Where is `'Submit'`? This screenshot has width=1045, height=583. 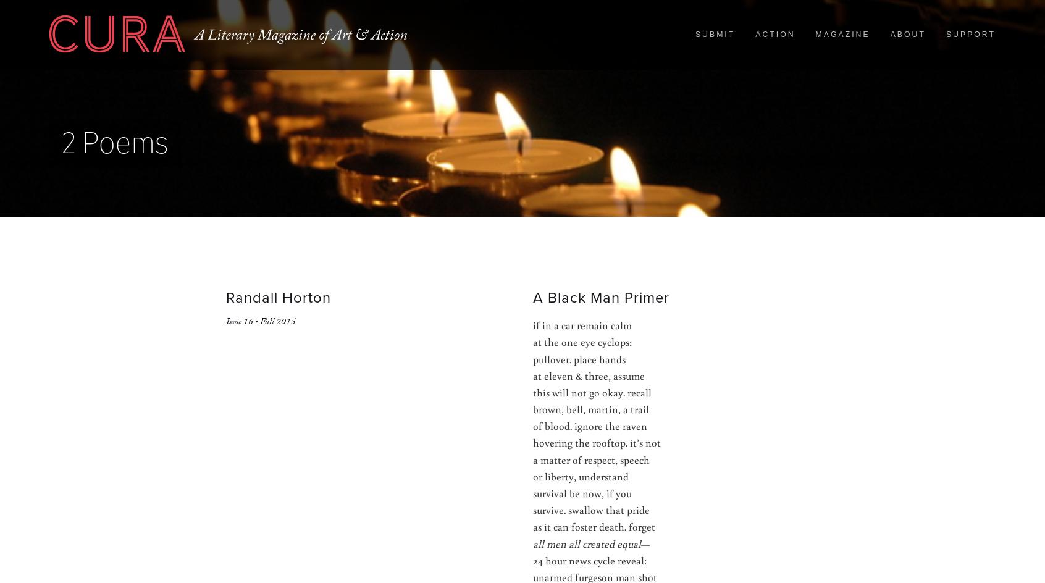
'Submit' is located at coordinates (714, 34).